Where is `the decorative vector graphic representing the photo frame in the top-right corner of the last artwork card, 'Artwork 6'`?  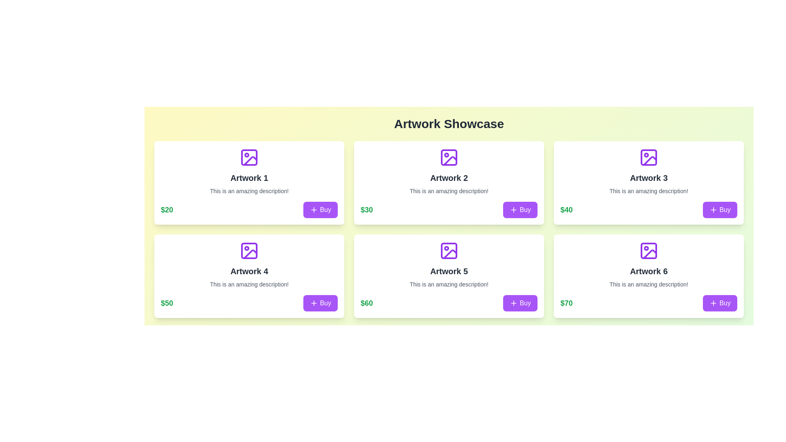
the decorative vector graphic representing the photo frame in the top-right corner of the last artwork card, 'Artwork 6' is located at coordinates (648, 250).